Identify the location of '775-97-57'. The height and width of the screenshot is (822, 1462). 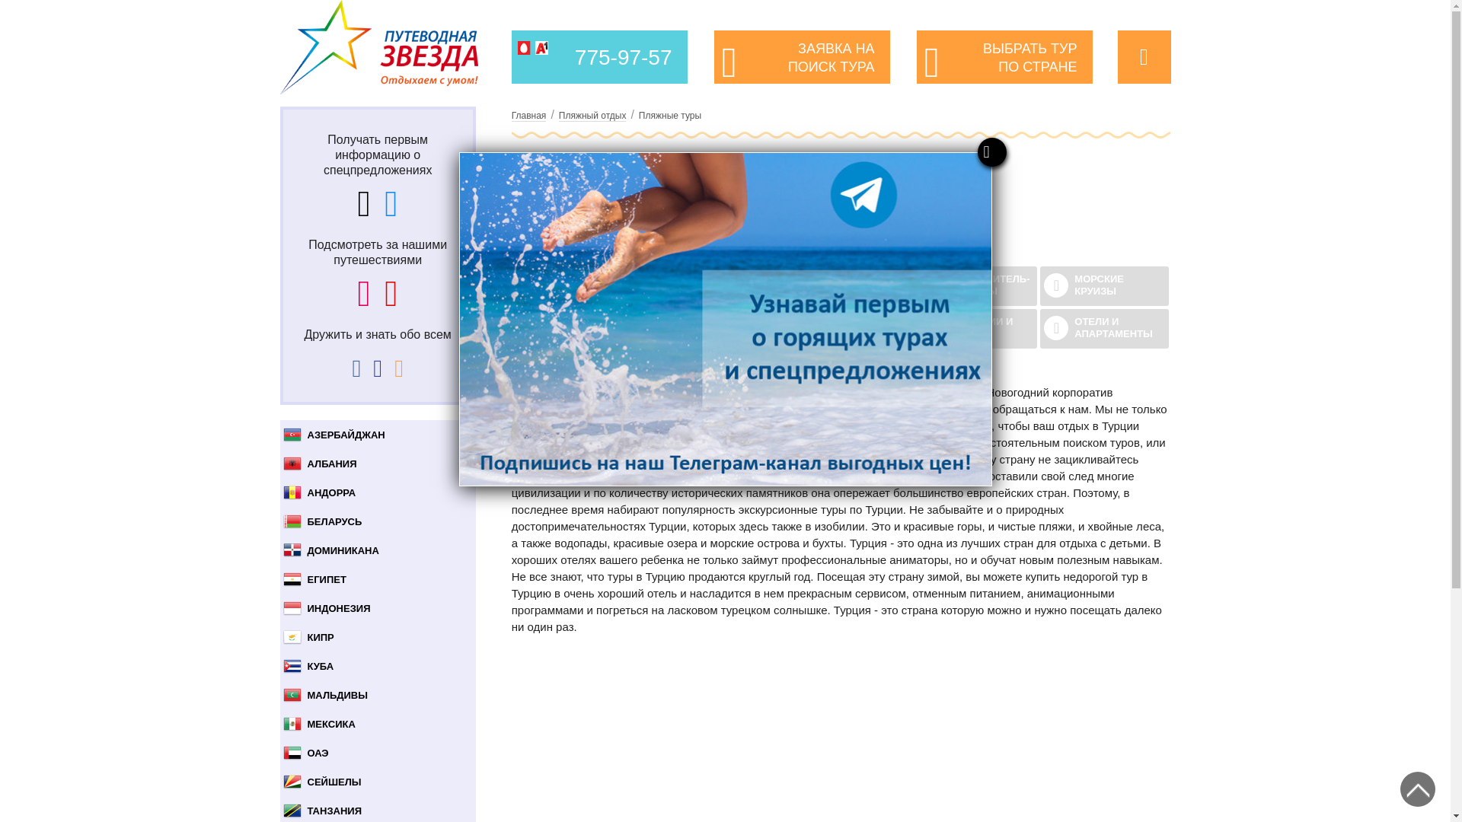
(625, 57).